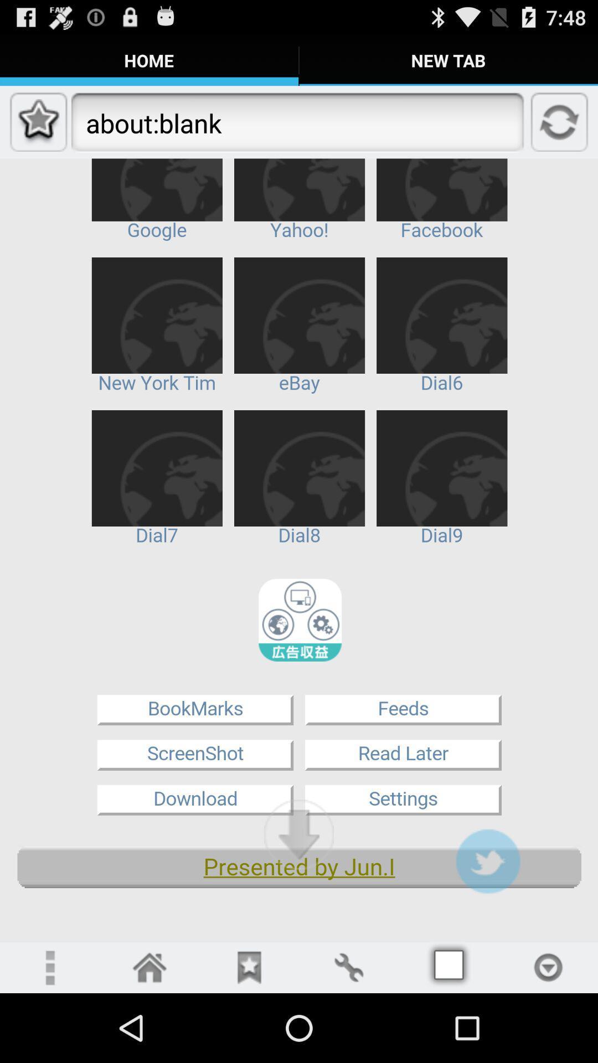 The width and height of the screenshot is (598, 1063). Describe the element at coordinates (448, 967) in the screenshot. I see `menu pega` at that location.